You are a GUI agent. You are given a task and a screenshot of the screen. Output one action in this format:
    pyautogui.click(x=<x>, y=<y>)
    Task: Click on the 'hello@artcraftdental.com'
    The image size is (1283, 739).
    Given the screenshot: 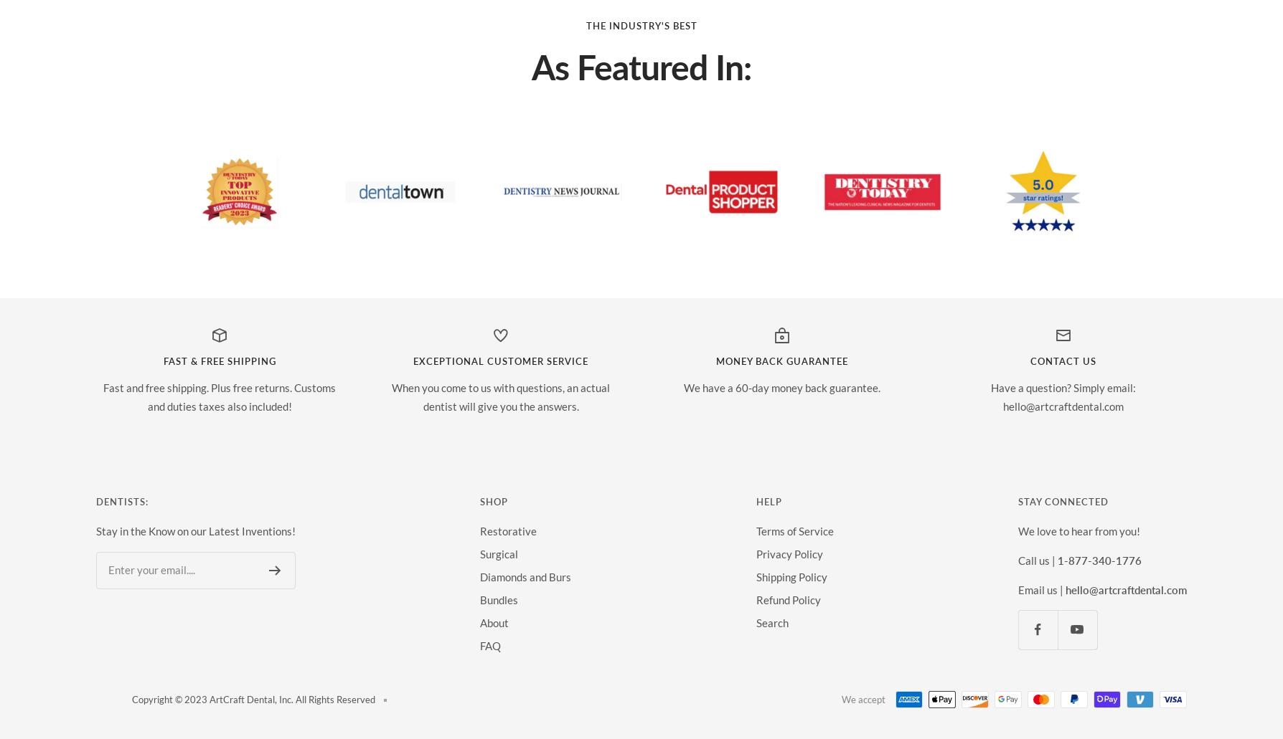 What is the action you would take?
    pyautogui.click(x=1124, y=588)
    